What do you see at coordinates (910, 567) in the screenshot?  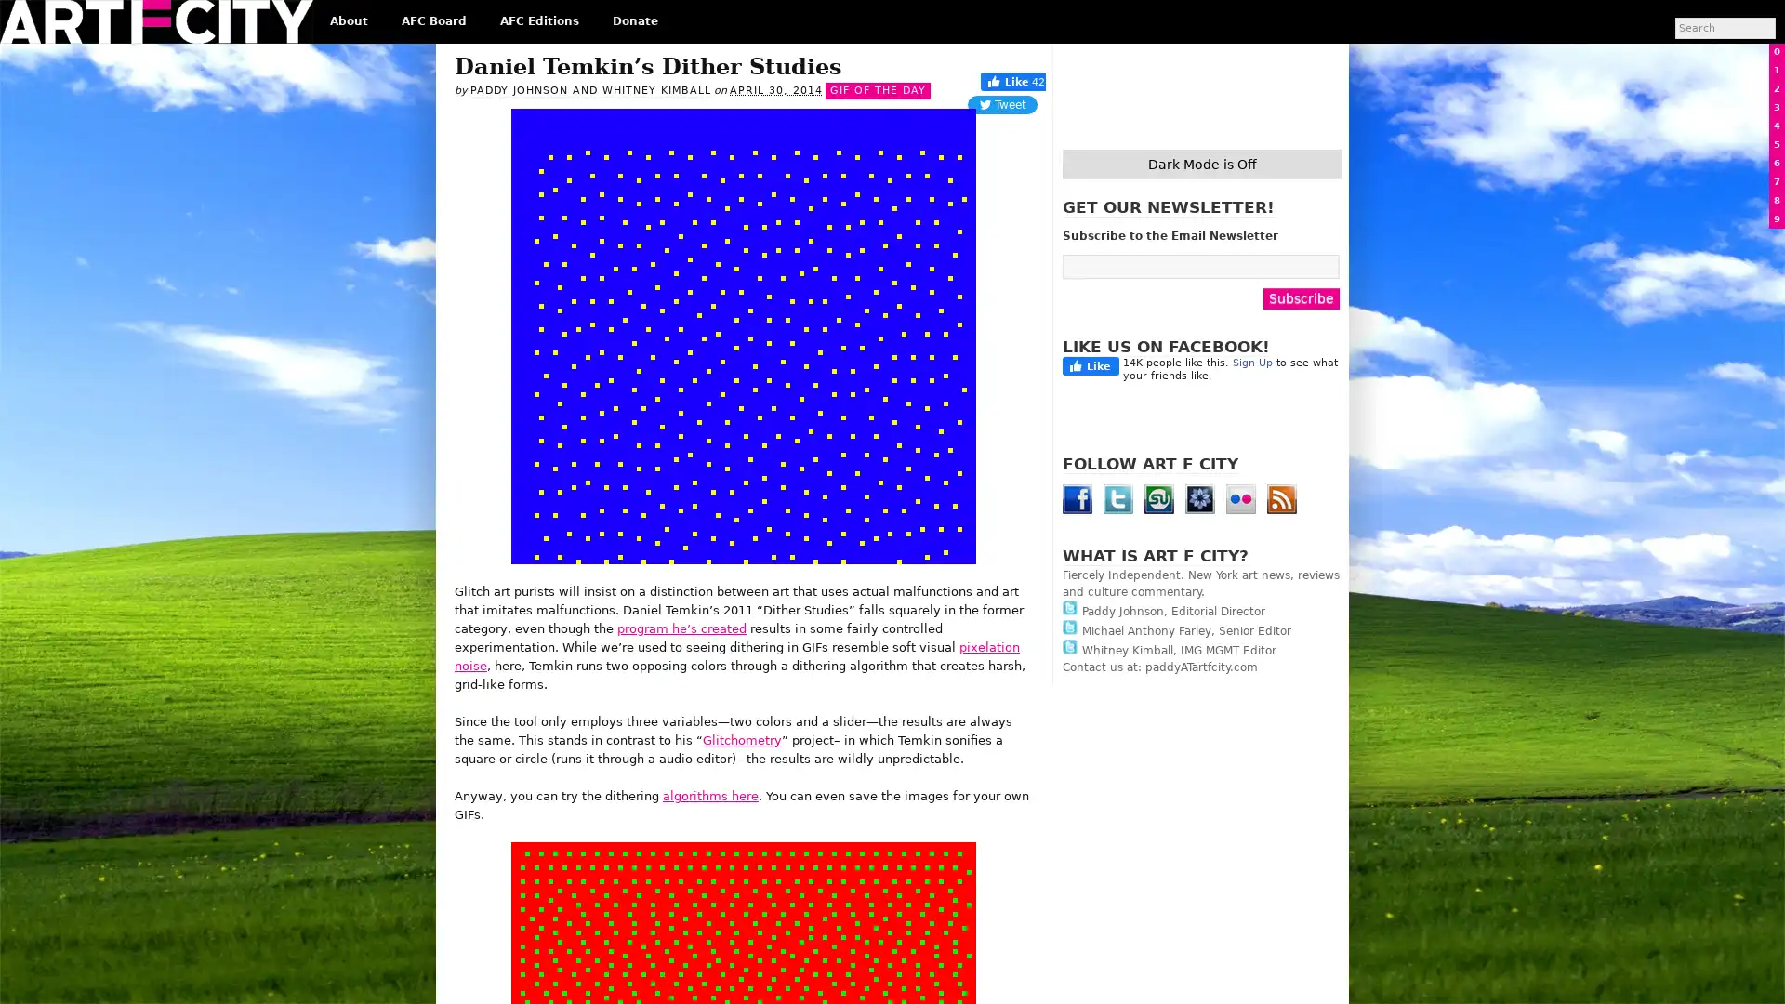 I see `Subscribe` at bounding box center [910, 567].